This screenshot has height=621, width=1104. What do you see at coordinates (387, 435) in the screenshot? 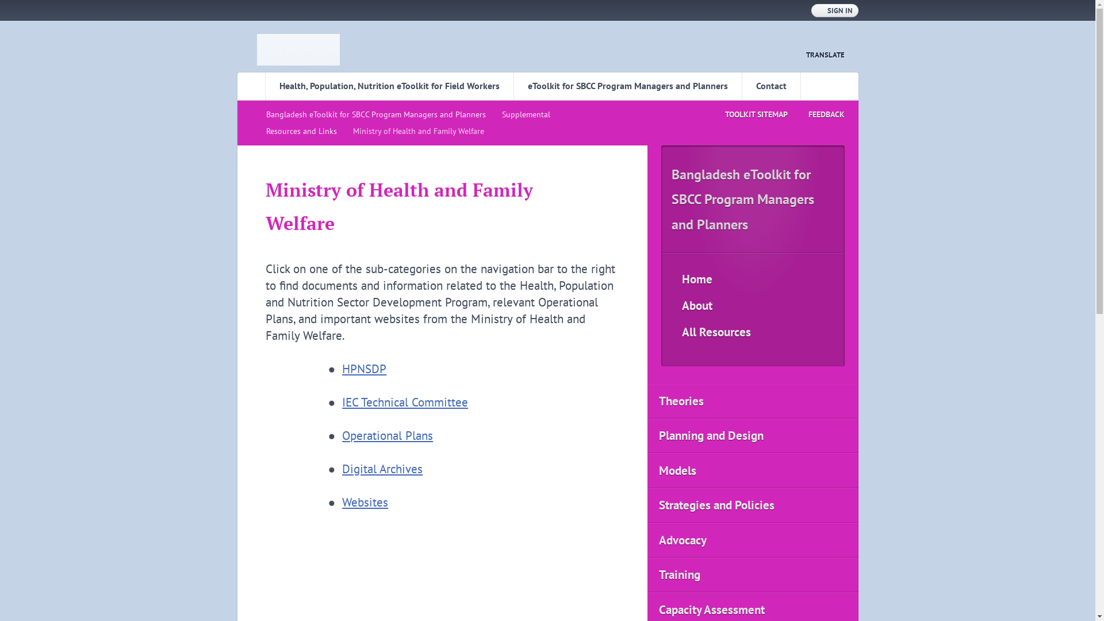
I see `'Operational Plans'` at bounding box center [387, 435].